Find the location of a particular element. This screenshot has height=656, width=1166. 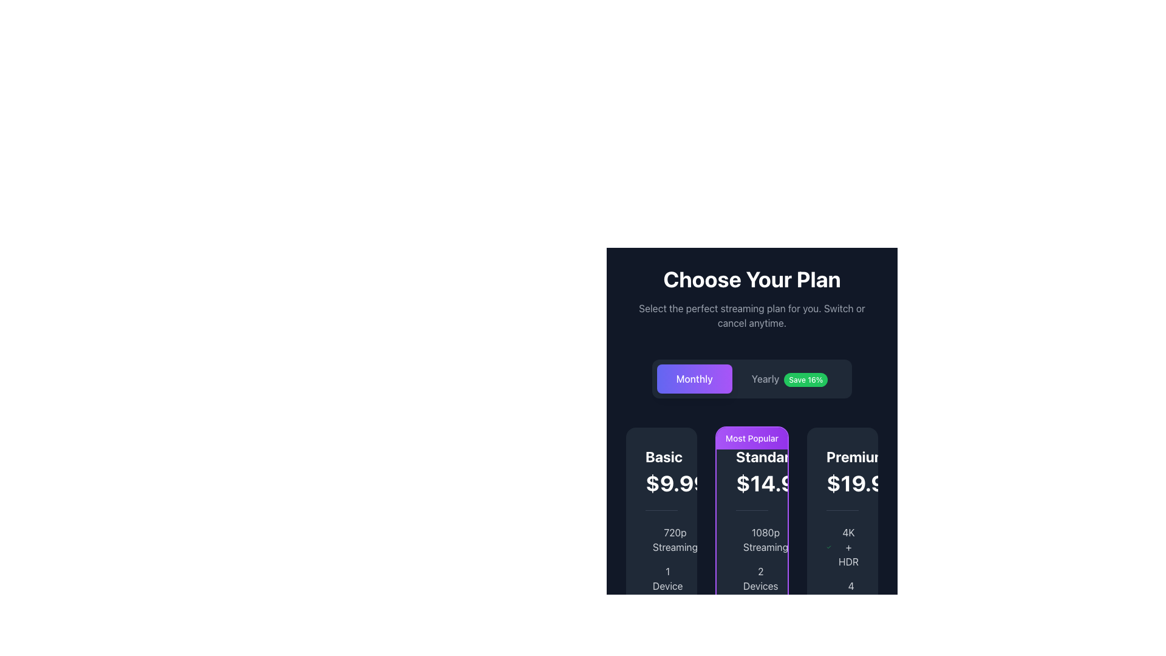

the text element that displays the monthly price for the Premium subscription plan, located in the rightmost column of the pricing table below the title 'Premium' is located at coordinates (842, 482).